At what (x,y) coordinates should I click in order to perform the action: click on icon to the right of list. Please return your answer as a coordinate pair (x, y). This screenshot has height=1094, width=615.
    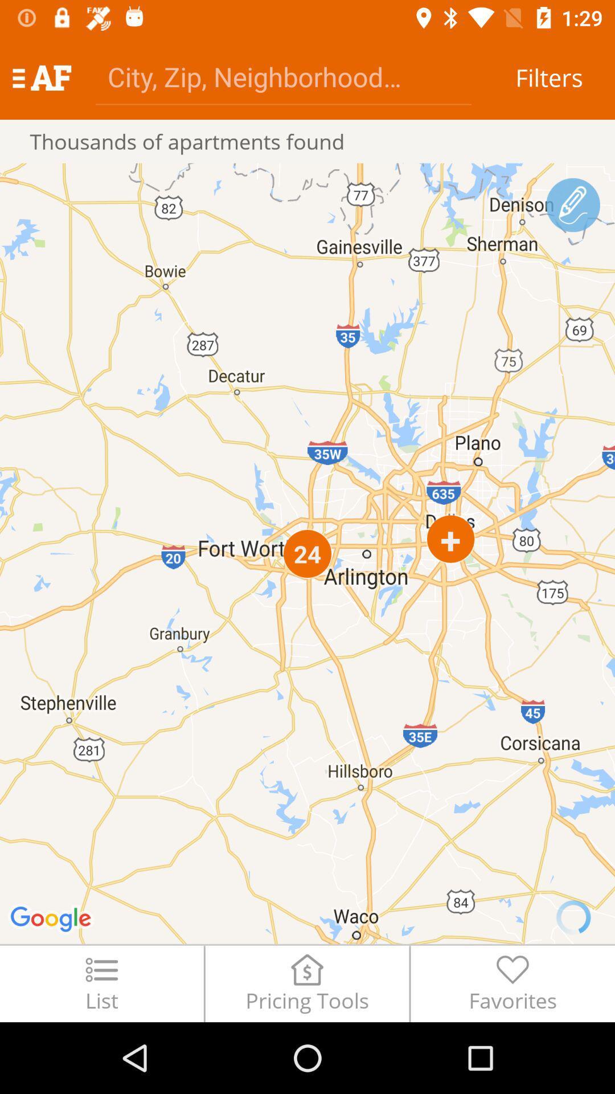
    Looking at the image, I should click on (306, 983).